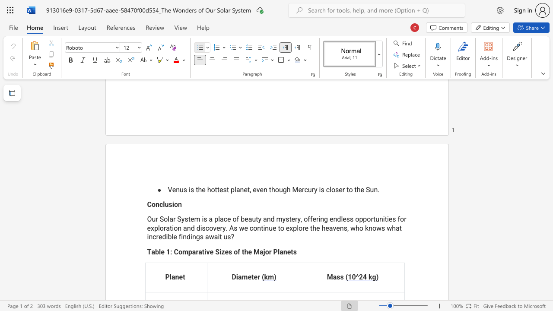 The height and width of the screenshot is (311, 553). Describe the element at coordinates (283, 251) in the screenshot. I see `the space between the continuous character "a" and "n" in the text` at that location.